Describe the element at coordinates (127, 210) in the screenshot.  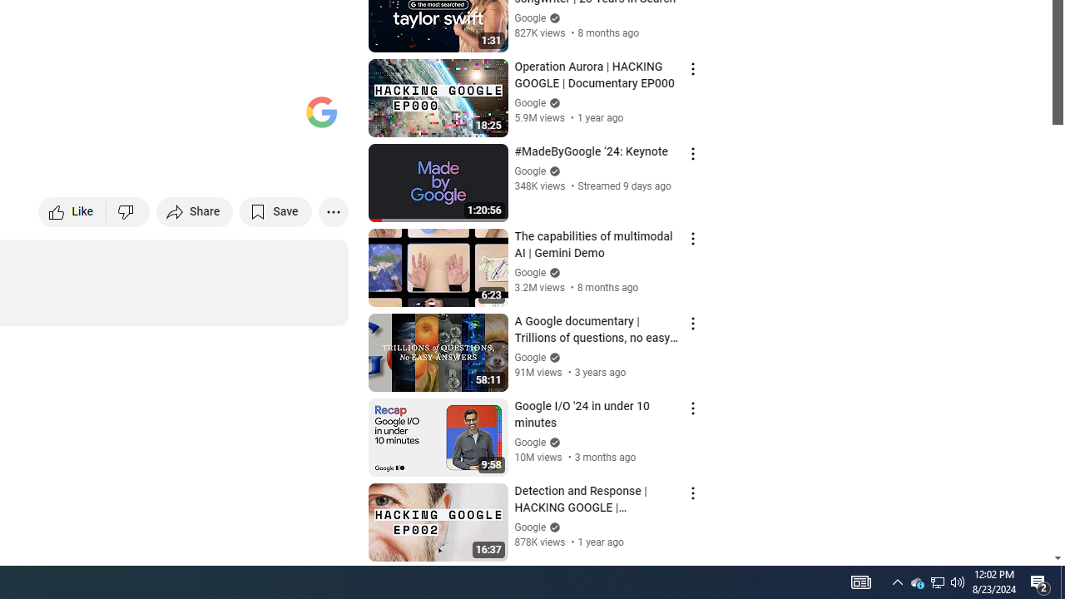
I see `'Dislike this video'` at that location.